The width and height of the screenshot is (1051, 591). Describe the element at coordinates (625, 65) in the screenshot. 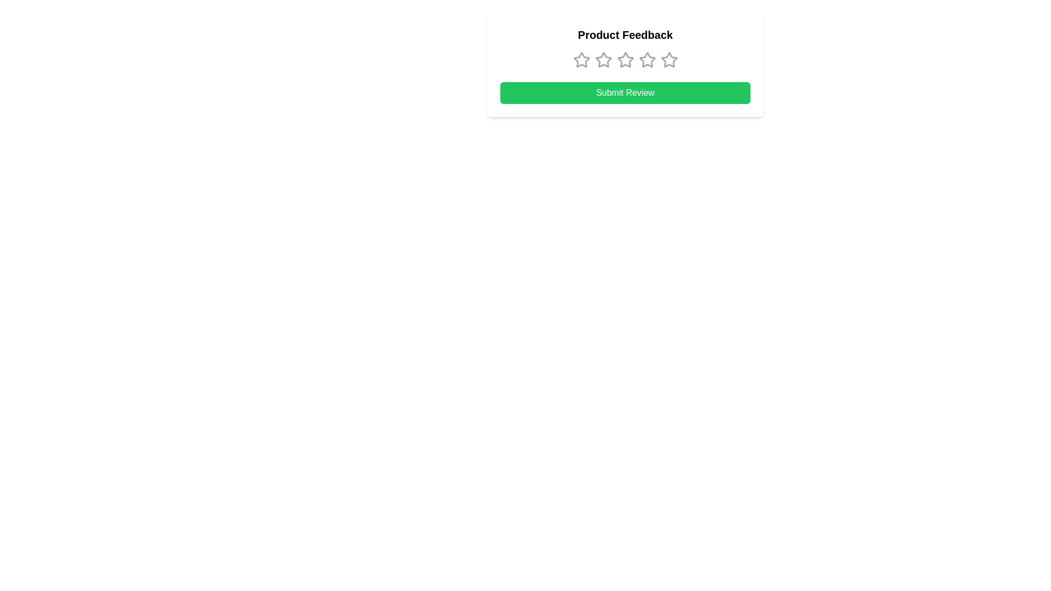

I see `the star-based rating interface in the product feedback section` at that location.